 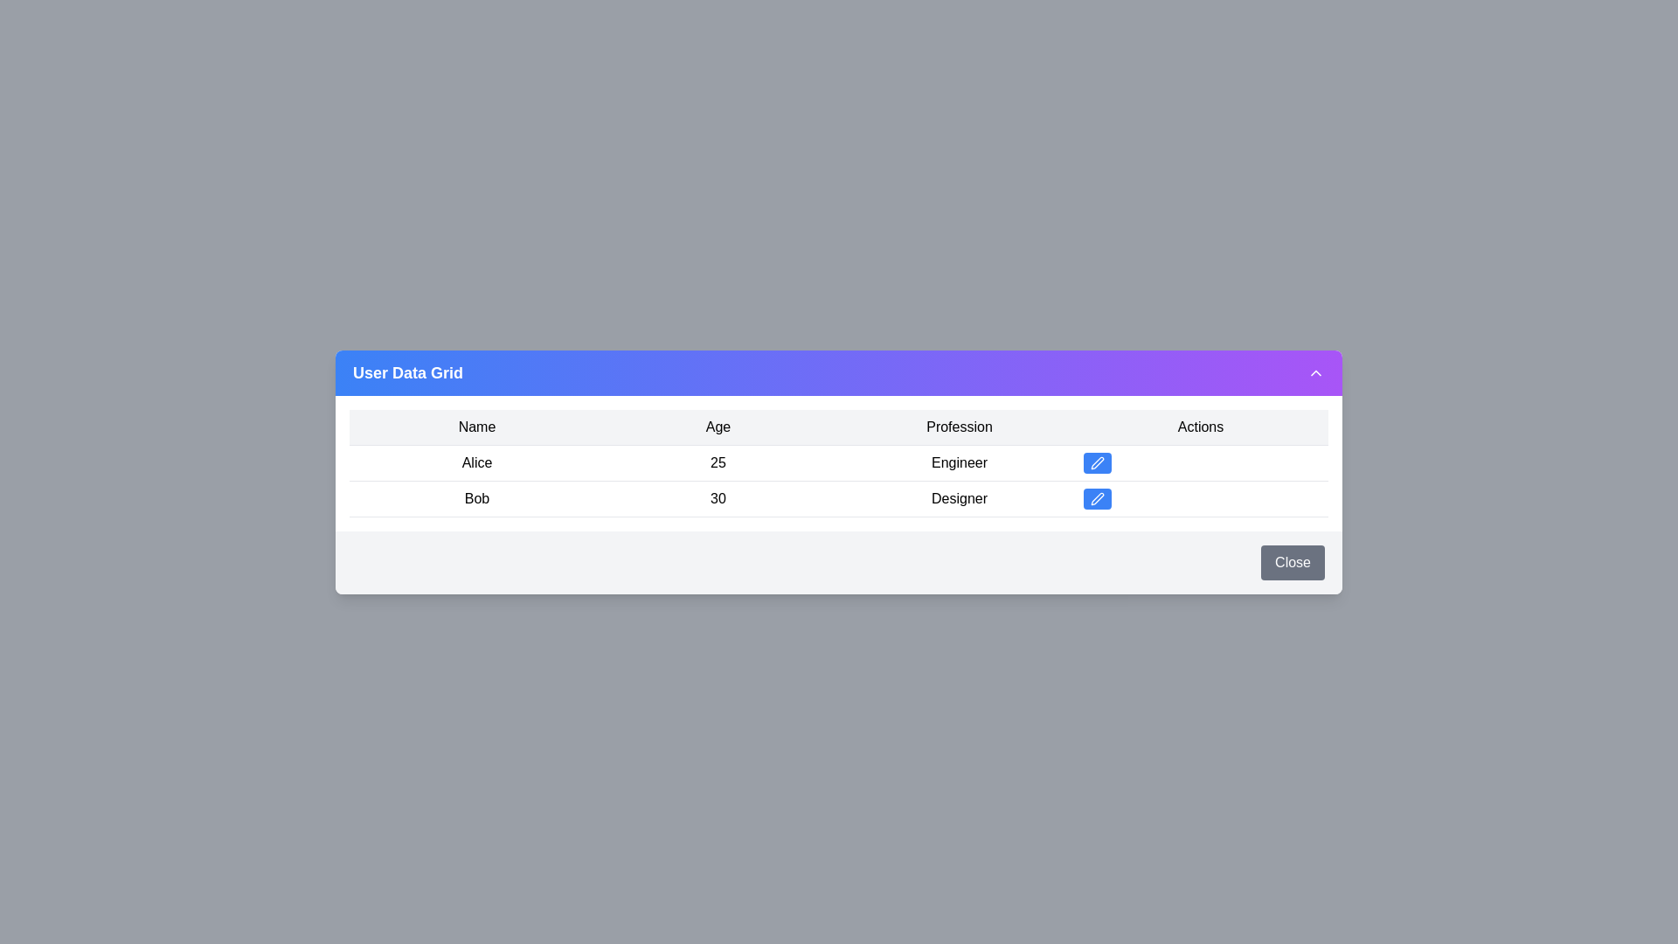 I want to click on the text element displaying 'Engineer' located in the 'Profession' column of the first row in the data grid, so click(x=959, y=461).